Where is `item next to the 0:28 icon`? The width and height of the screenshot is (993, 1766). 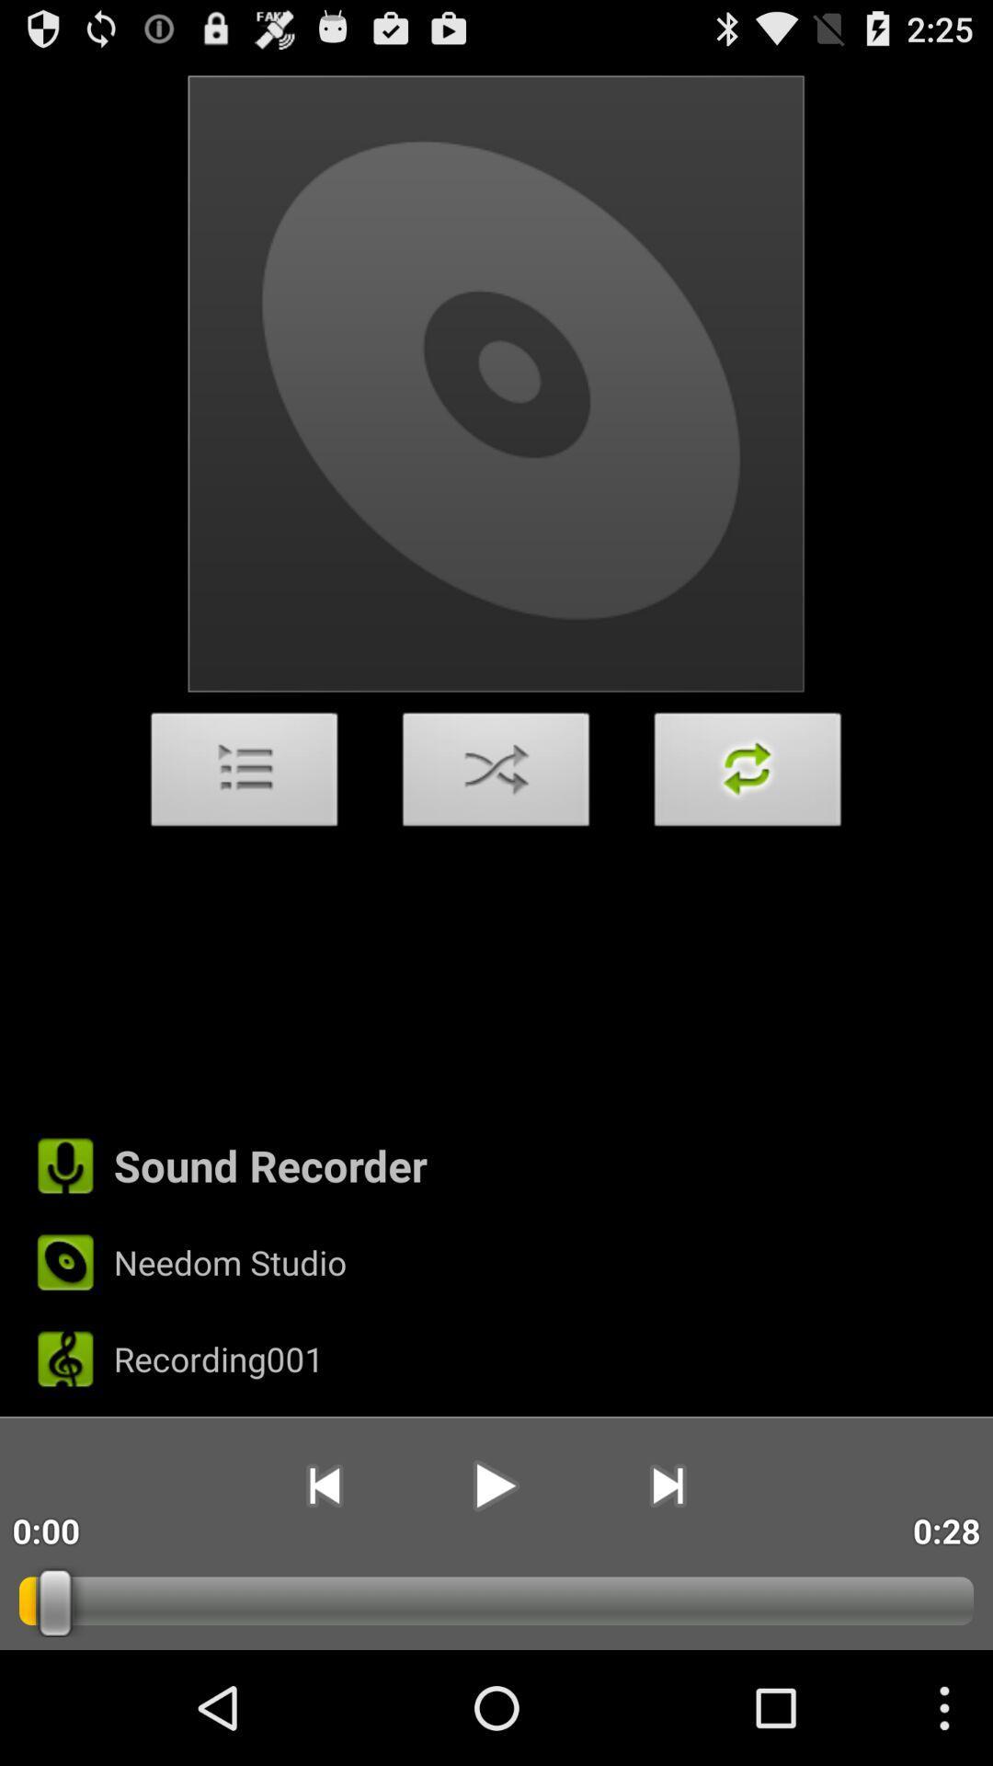
item next to the 0:28 icon is located at coordinates (668, 1485).